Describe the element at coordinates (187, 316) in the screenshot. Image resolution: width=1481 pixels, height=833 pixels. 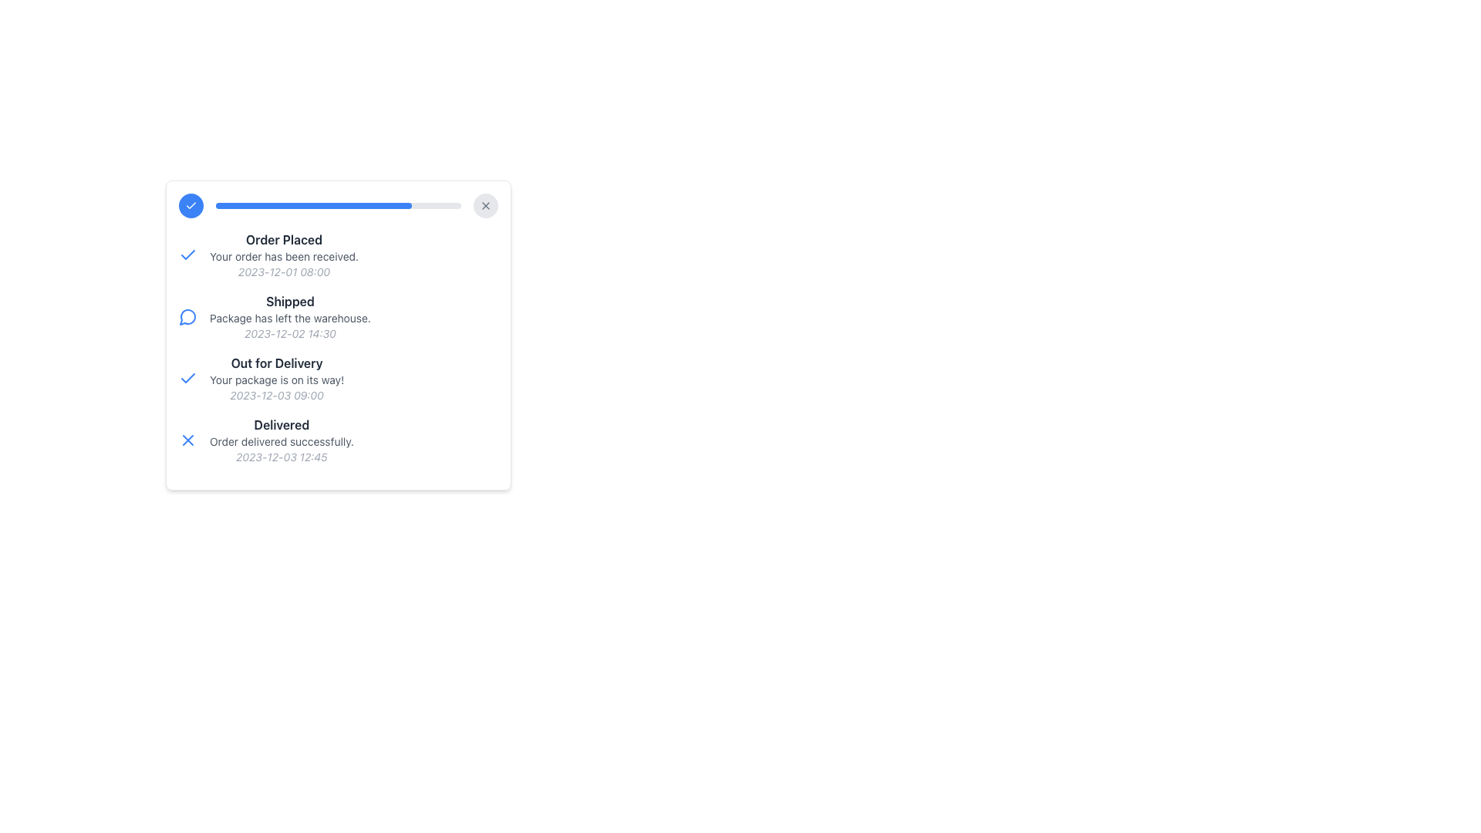
I see `the small blue speech bubble icon located in the left section of the 'Shipped' row before the text description` at that location.